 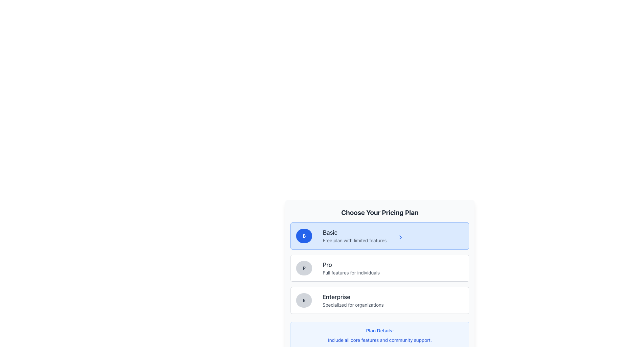 I want to click on the arrow icon in the 'Basic' plan section, so click(x=400, y=237).